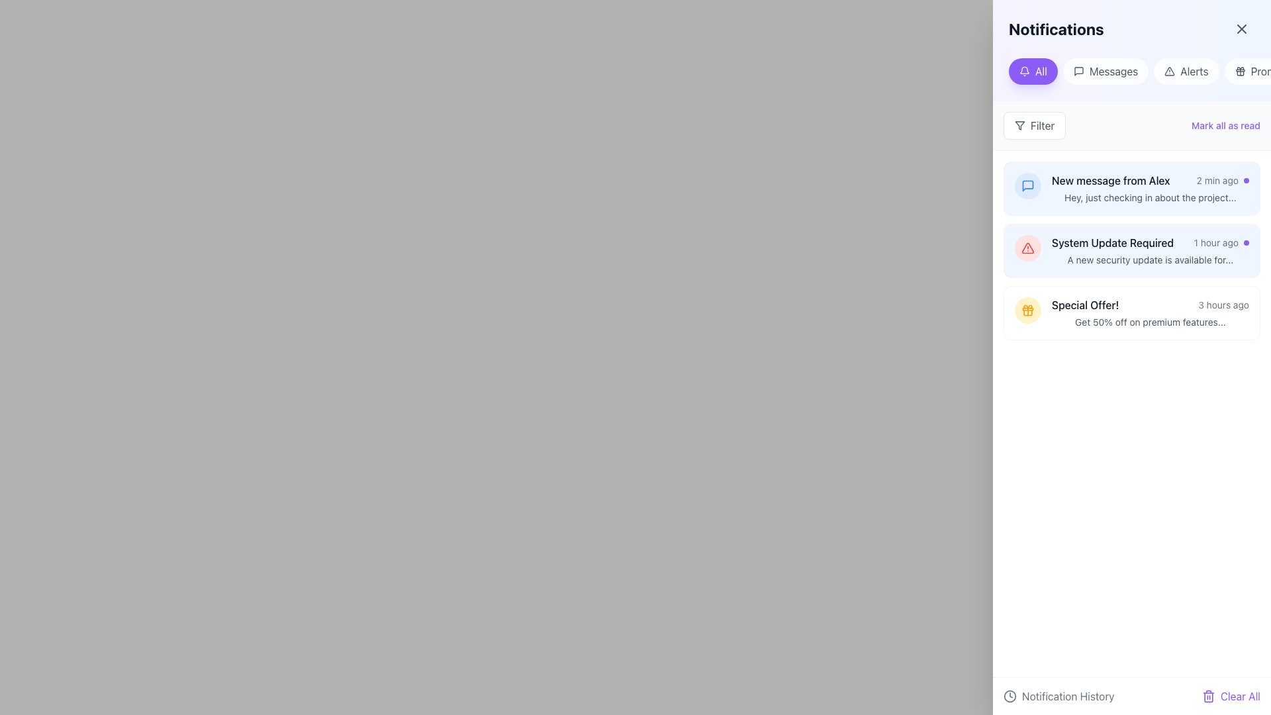 The height and width of the screenshot is (715, 1271). I want to click on the 'Alerts' button, which is the third button in the horizontally aligned list under the 'Notifications' panel, so click(1186, 71).